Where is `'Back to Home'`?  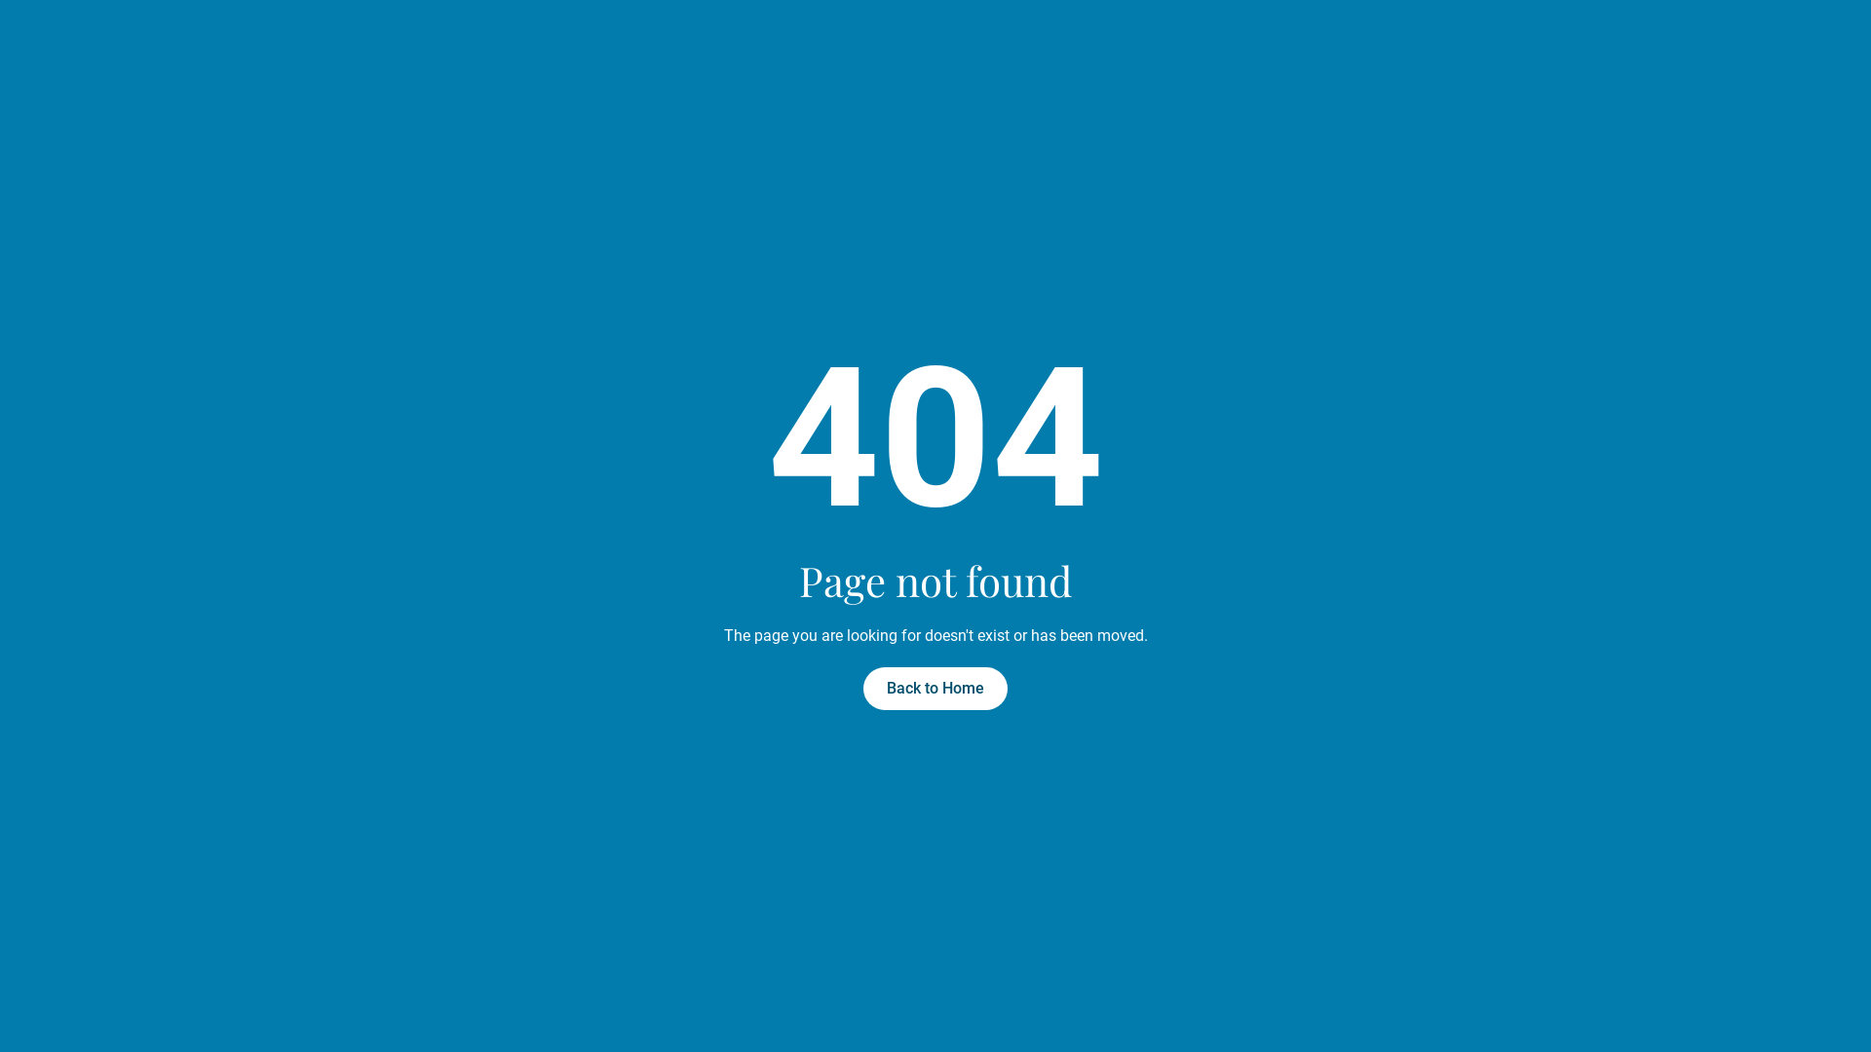
'Back to Home' is located at coordinates (935, 687).